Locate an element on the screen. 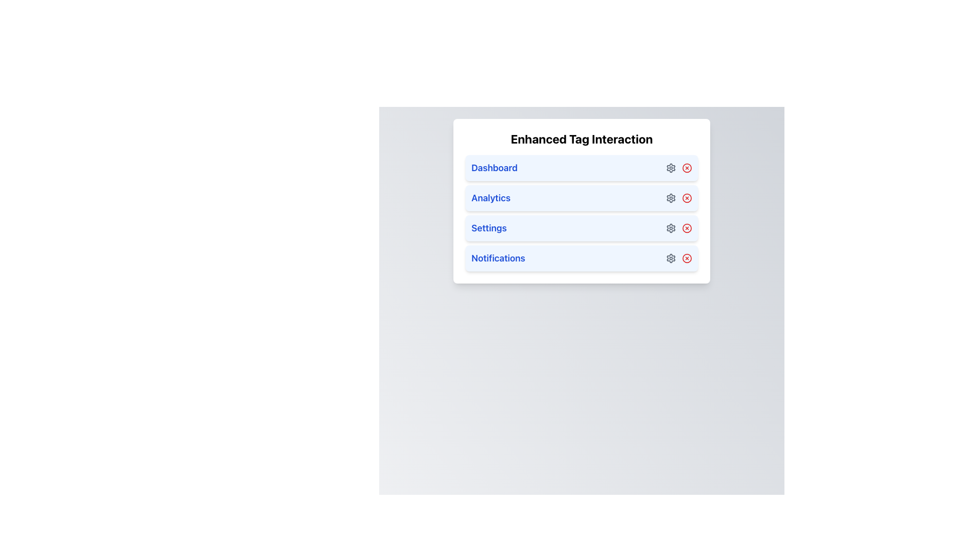 The width and height of the screenshot is (963, 542). the gear icon located beside the 'Analytics' text is located at coordinates (671, 198).